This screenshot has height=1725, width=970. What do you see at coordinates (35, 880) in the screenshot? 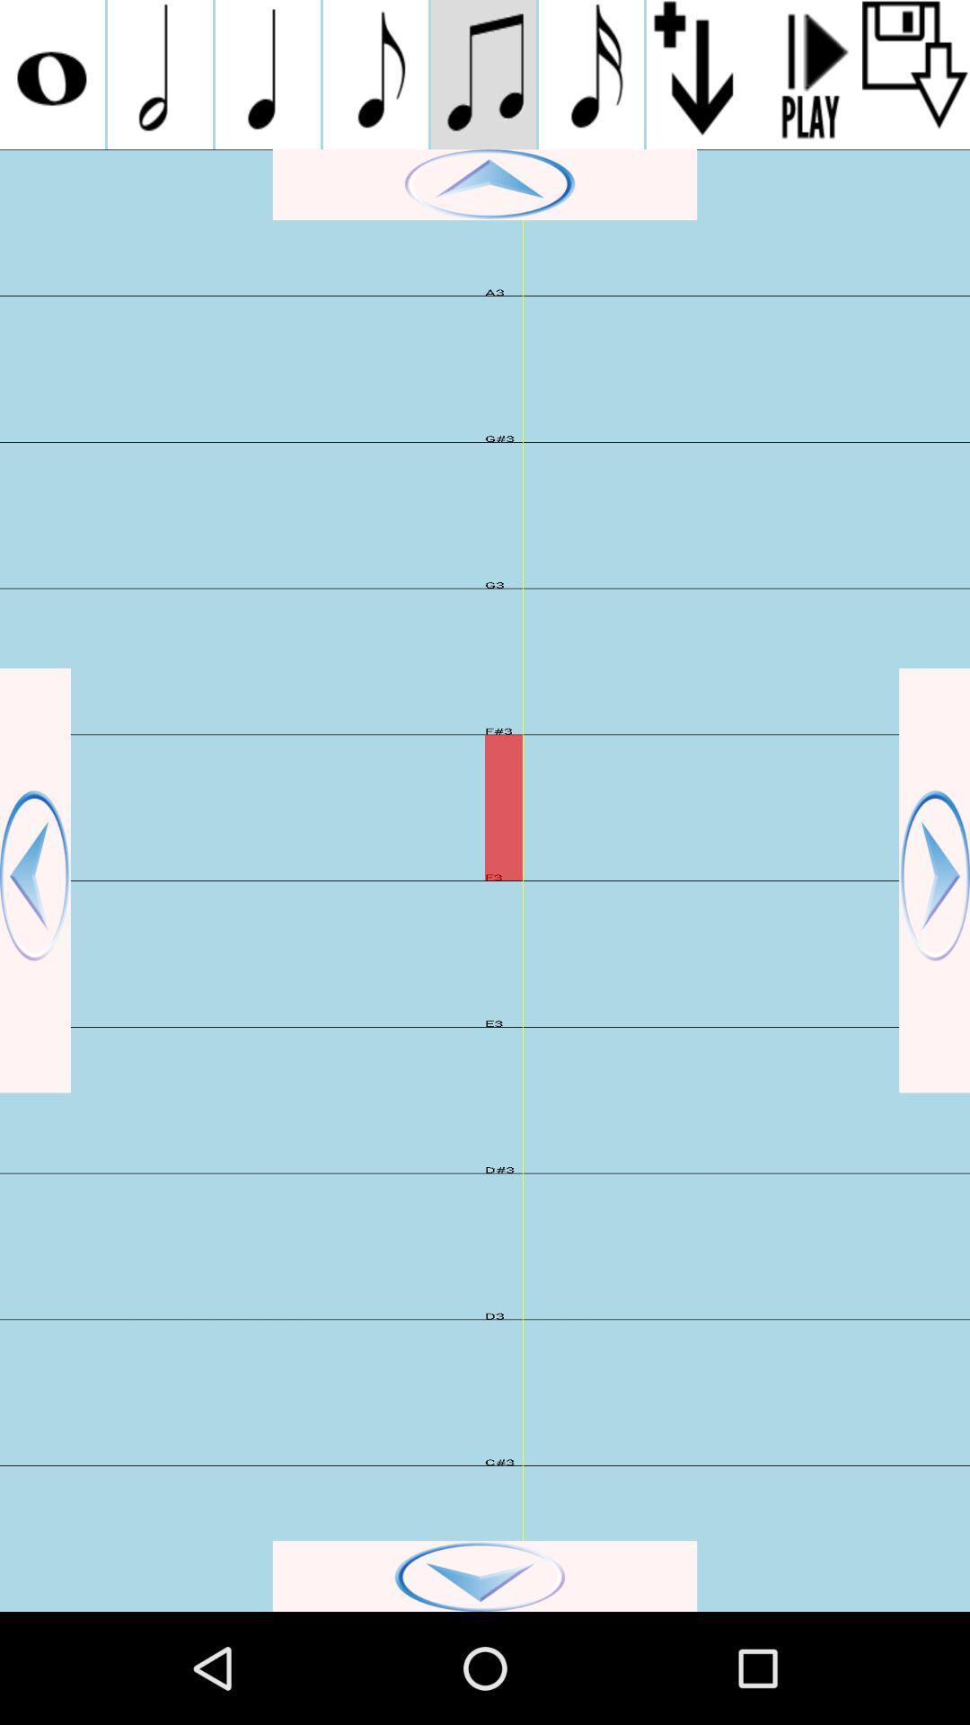
I see `move to the left` at bounding box center [35, 880].